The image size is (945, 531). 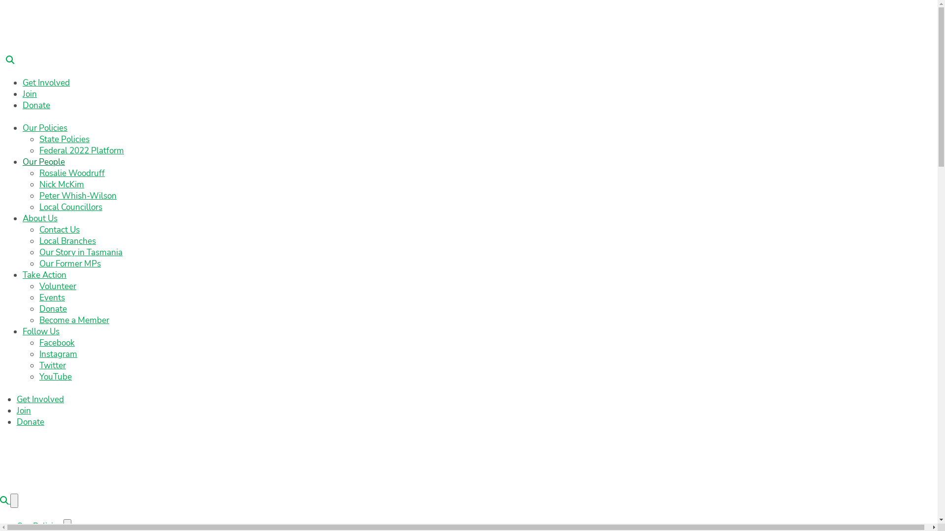 I want to click on 'Rosalie Woodruff', so click(x=71, y=173).